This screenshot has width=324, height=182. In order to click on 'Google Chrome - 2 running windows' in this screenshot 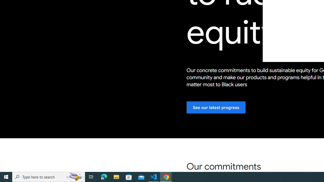, I will do `click(166, 176)`.